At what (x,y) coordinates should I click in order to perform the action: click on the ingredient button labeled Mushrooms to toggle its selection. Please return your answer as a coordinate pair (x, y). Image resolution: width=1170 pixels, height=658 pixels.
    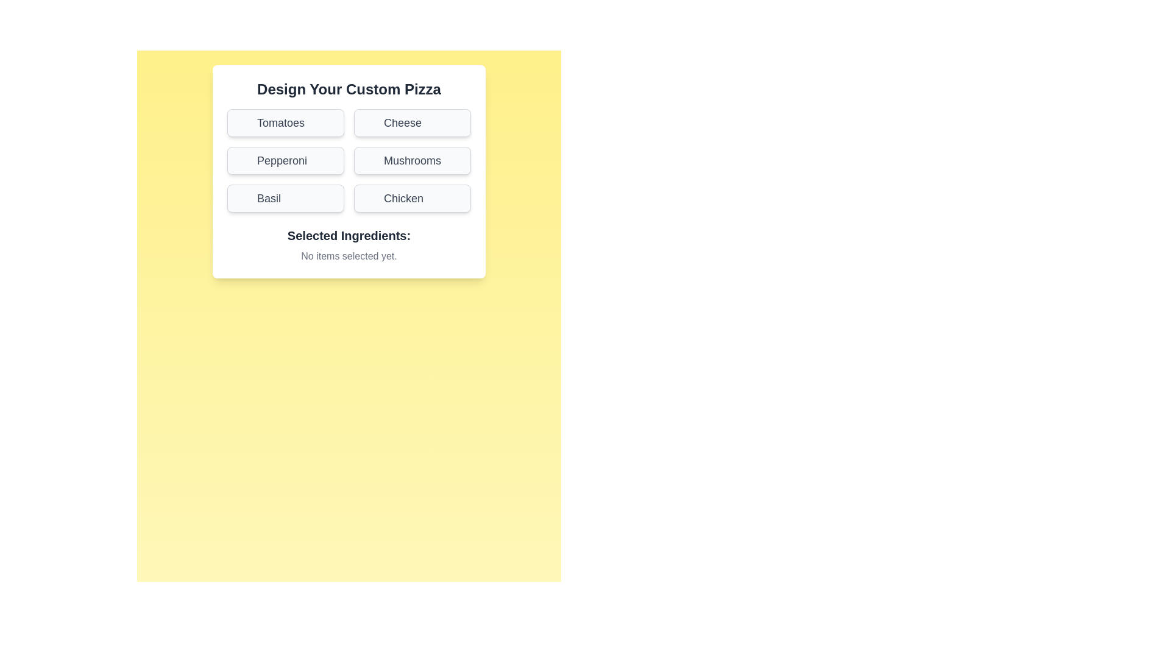
    Looking at the image, I should click on (412, 160).